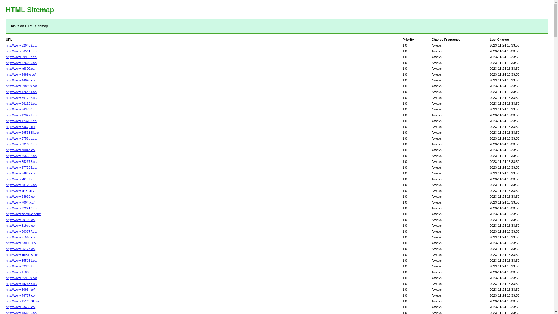 The image size is (558, 314). Describe the element at coordinates (21, 185) in the screenshot. I see `'http://www.887700.co/'` at that location.